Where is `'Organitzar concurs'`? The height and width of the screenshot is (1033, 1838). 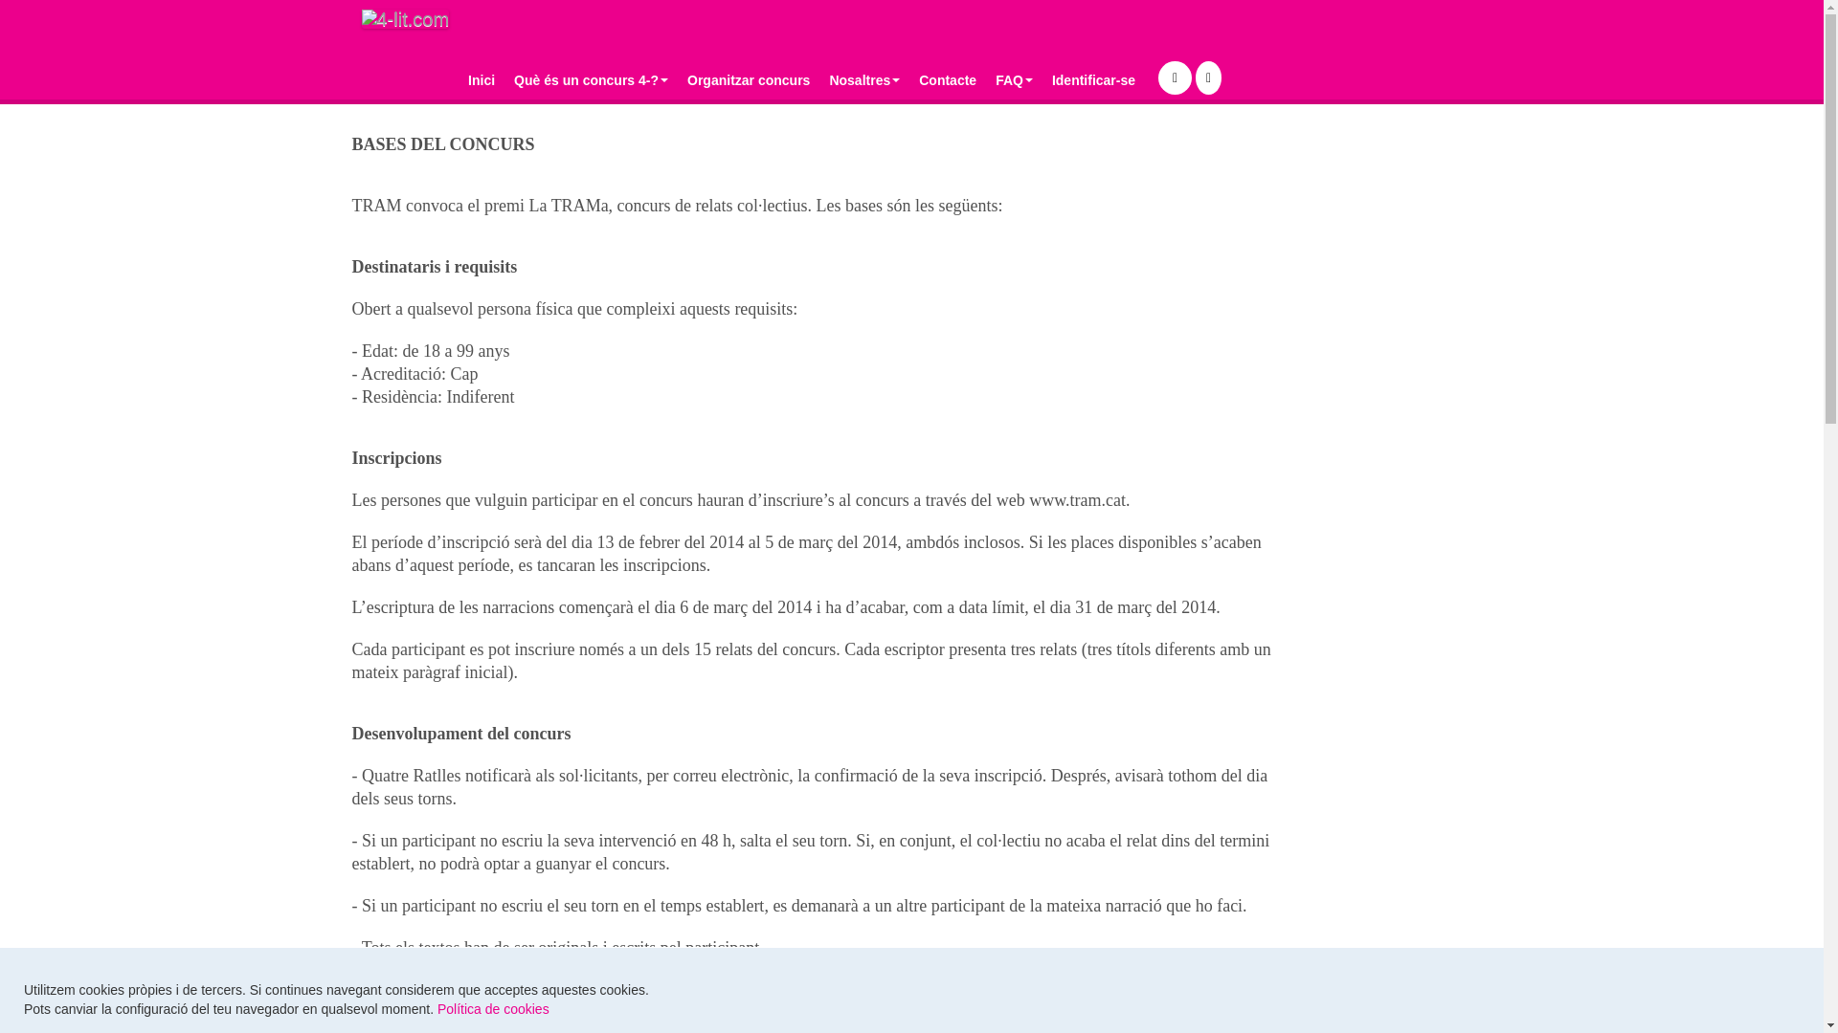
'Organitzar concurs' is located at coordinates (678, 79).